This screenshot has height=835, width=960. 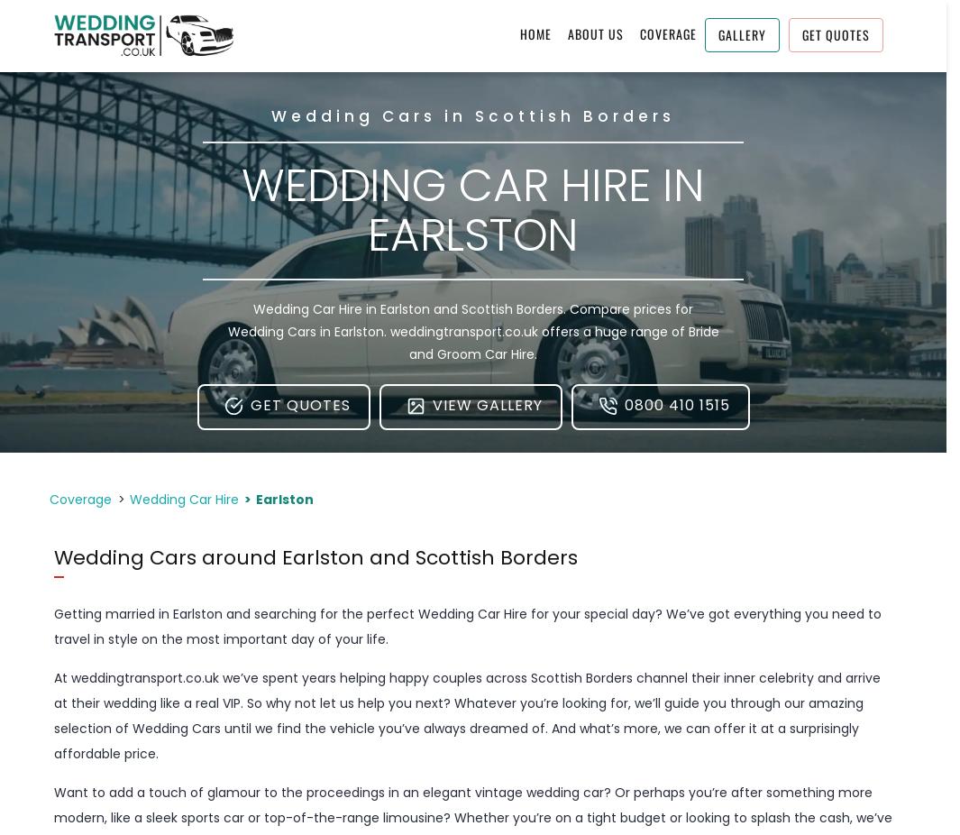 I want to click on 'Wedding Car Hire in Earlston and Scottish Borders. Compare prices for Wedding Cars in Earlston. weddingtransport.co.uk offers a huge range of Bride and Groom Car Hire.', so click(x=225, y=331).